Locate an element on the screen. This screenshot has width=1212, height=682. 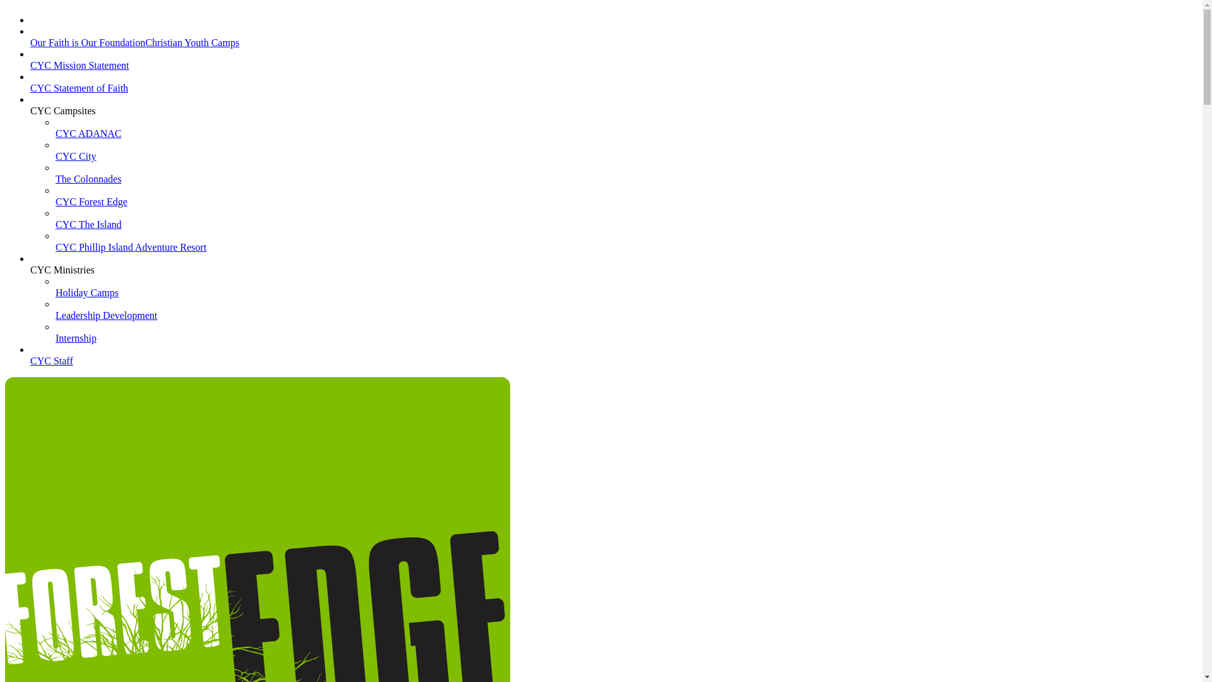
'CYC The Island' is located at coordinates (88, 230).